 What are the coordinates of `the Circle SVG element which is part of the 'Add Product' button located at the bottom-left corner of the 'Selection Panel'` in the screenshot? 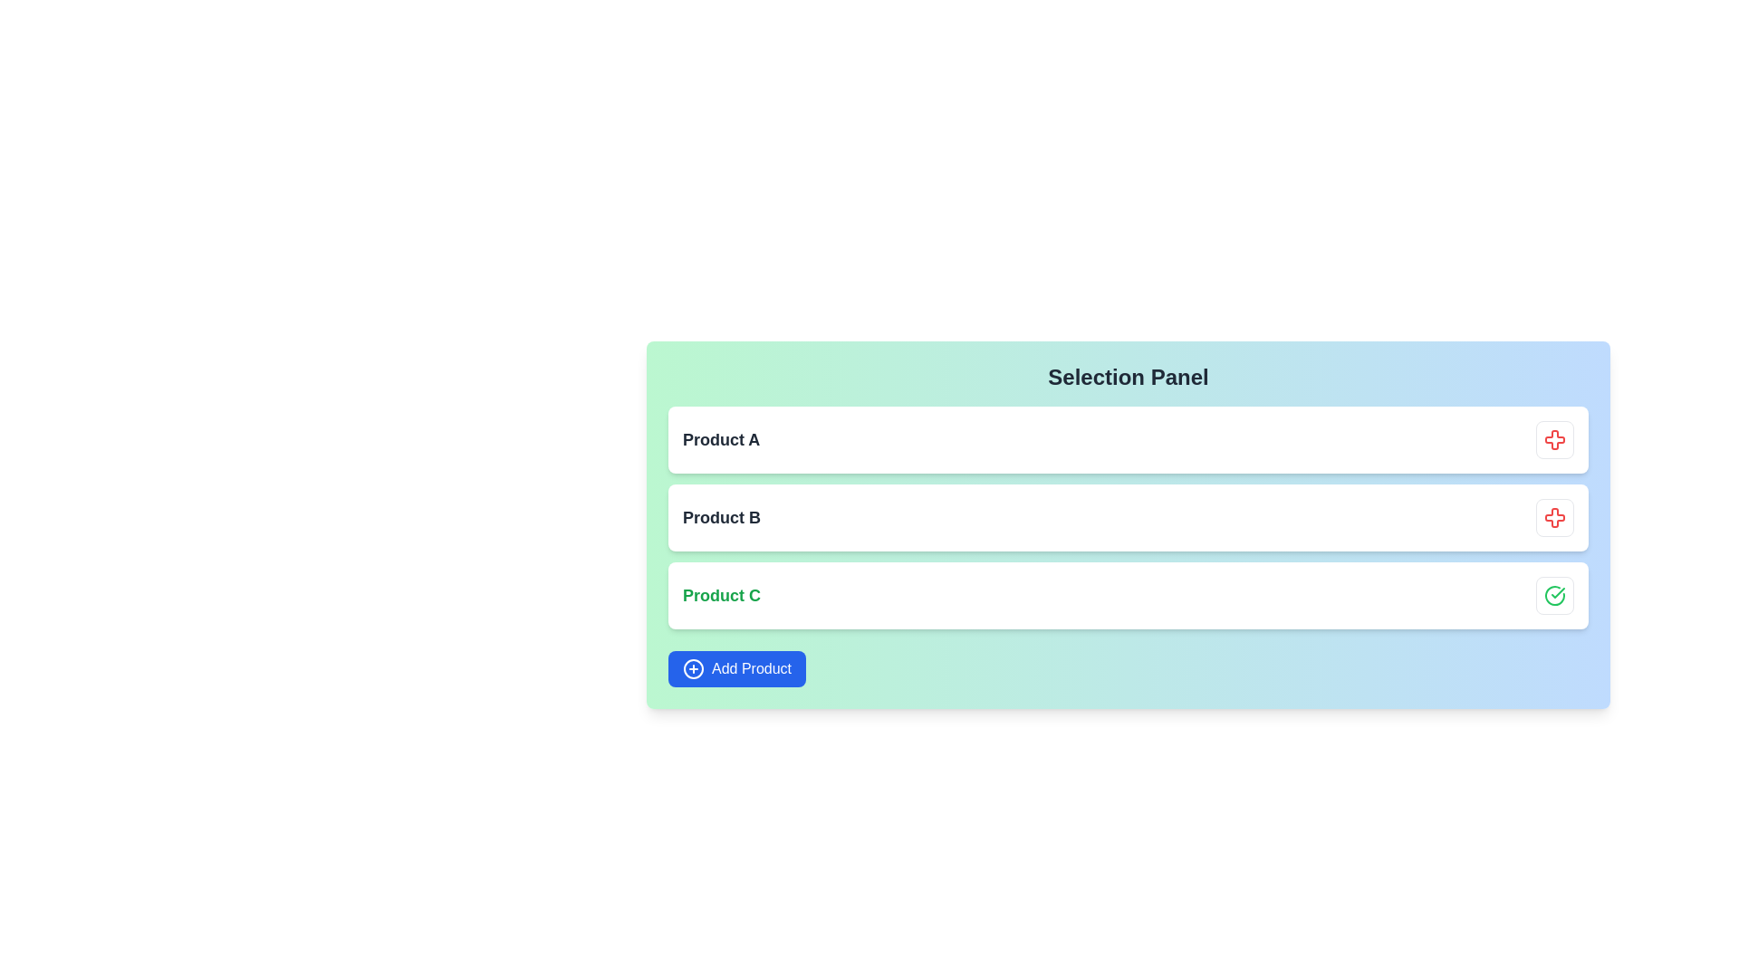 It's located at (693, 669).